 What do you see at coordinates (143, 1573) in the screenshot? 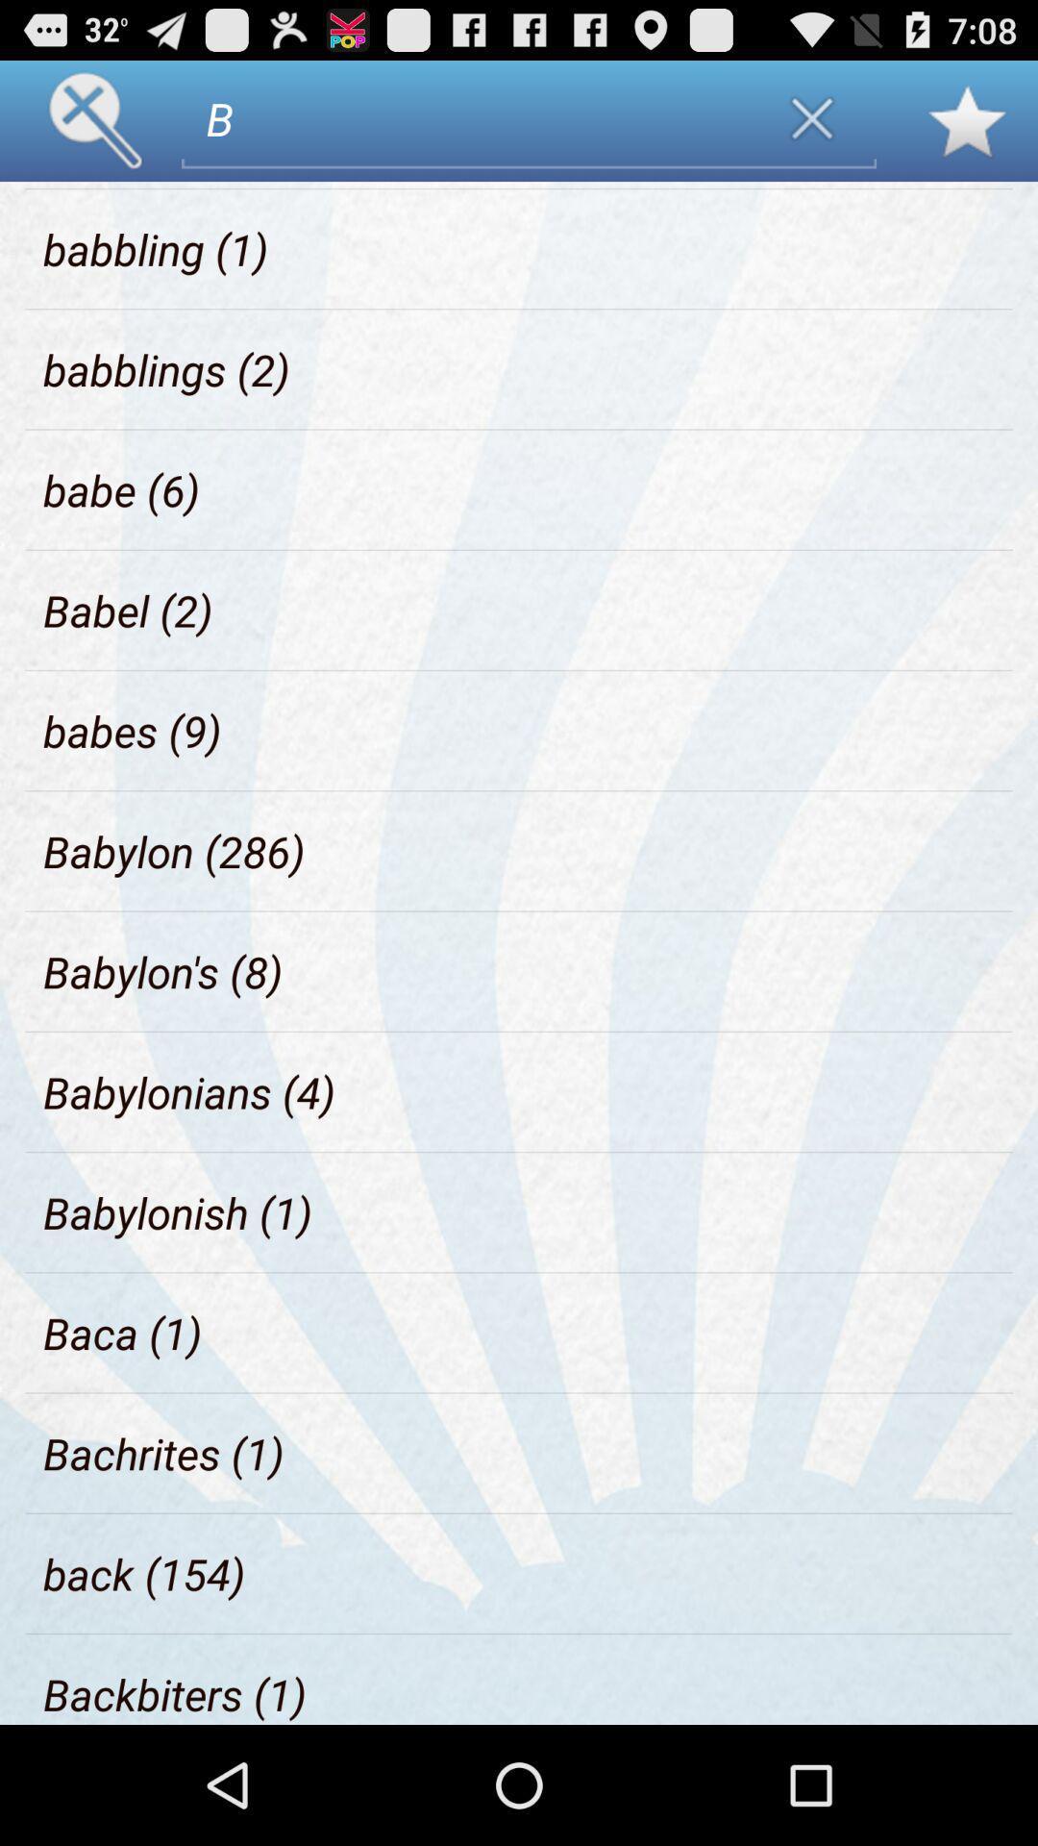
I see `the back (154) icon` at bounding box center [143, 1573].